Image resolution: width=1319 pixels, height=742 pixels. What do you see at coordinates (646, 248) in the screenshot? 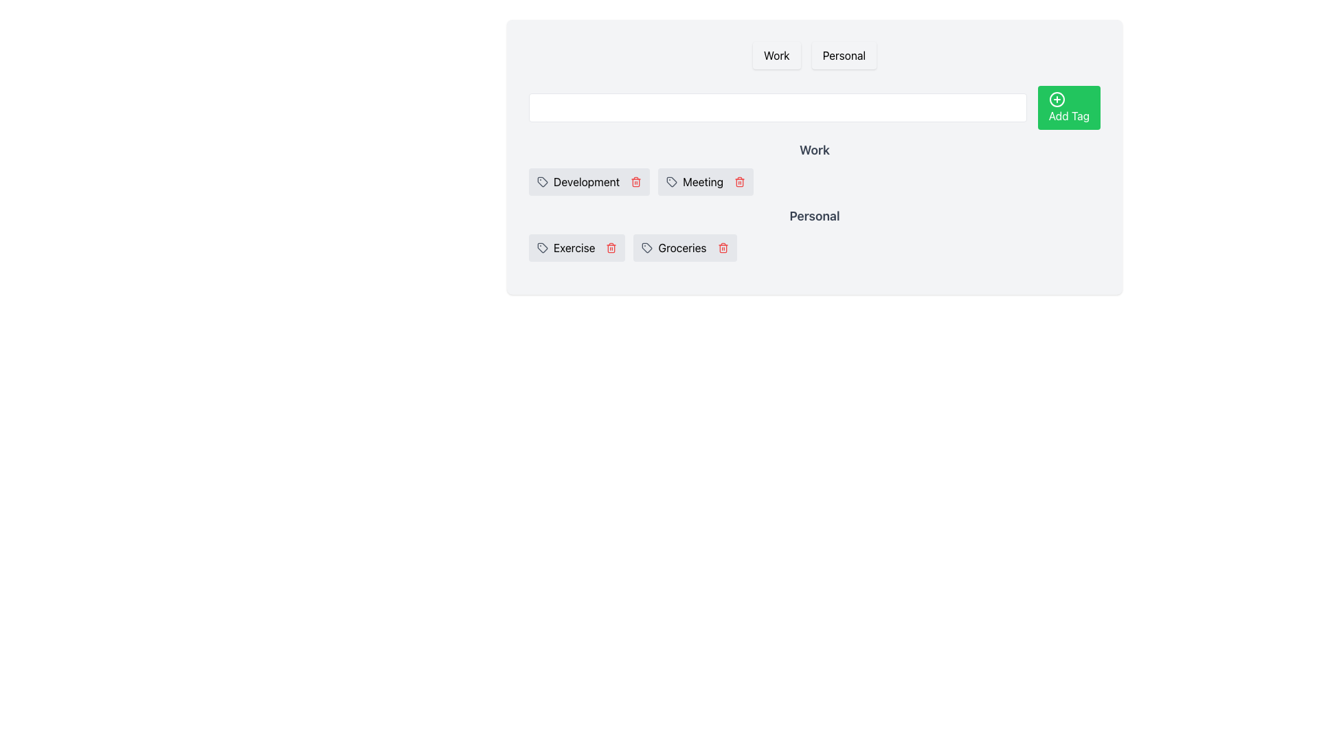
I see `the decorative icon representing the 'Groceries' list item in the 'Personal' section, located to the left of the text 'Groceries'` at bounding box center [646, 248].